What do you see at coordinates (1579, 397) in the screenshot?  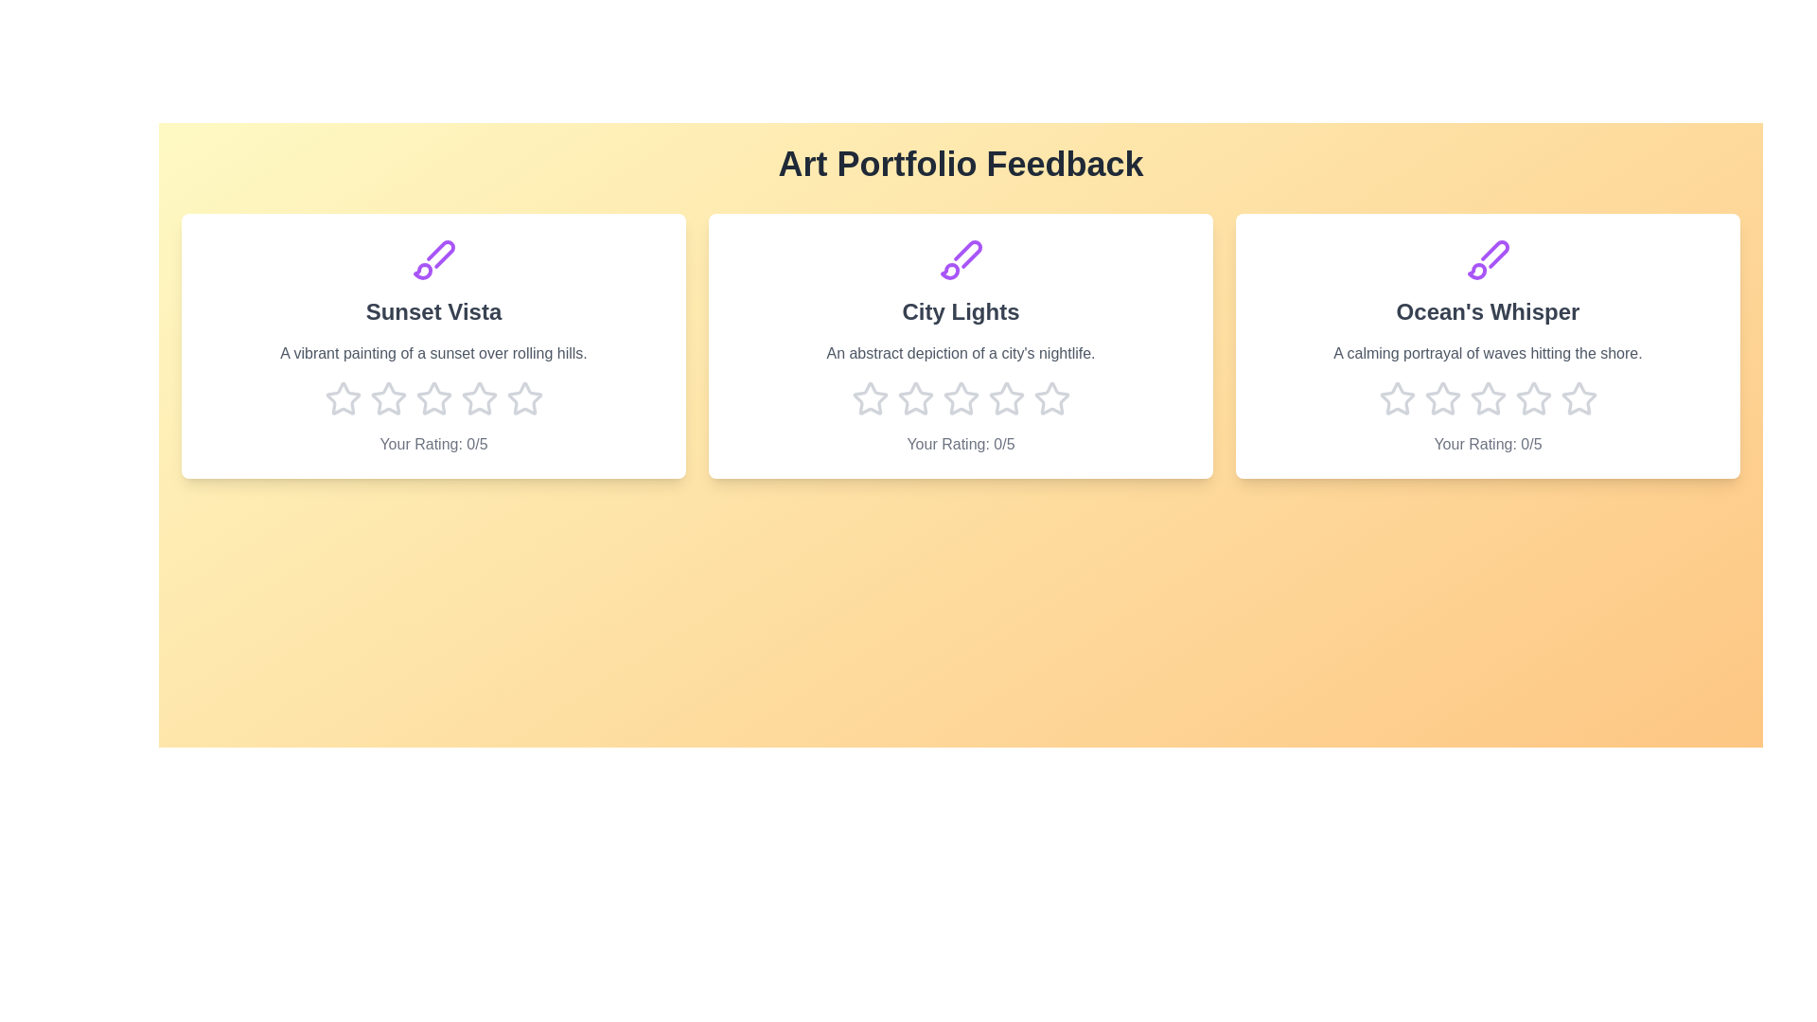 I see `the star corresponding to 5 stars for the artwork titled 'Ocean's Whisper'` at bounding box center [1579, 397].